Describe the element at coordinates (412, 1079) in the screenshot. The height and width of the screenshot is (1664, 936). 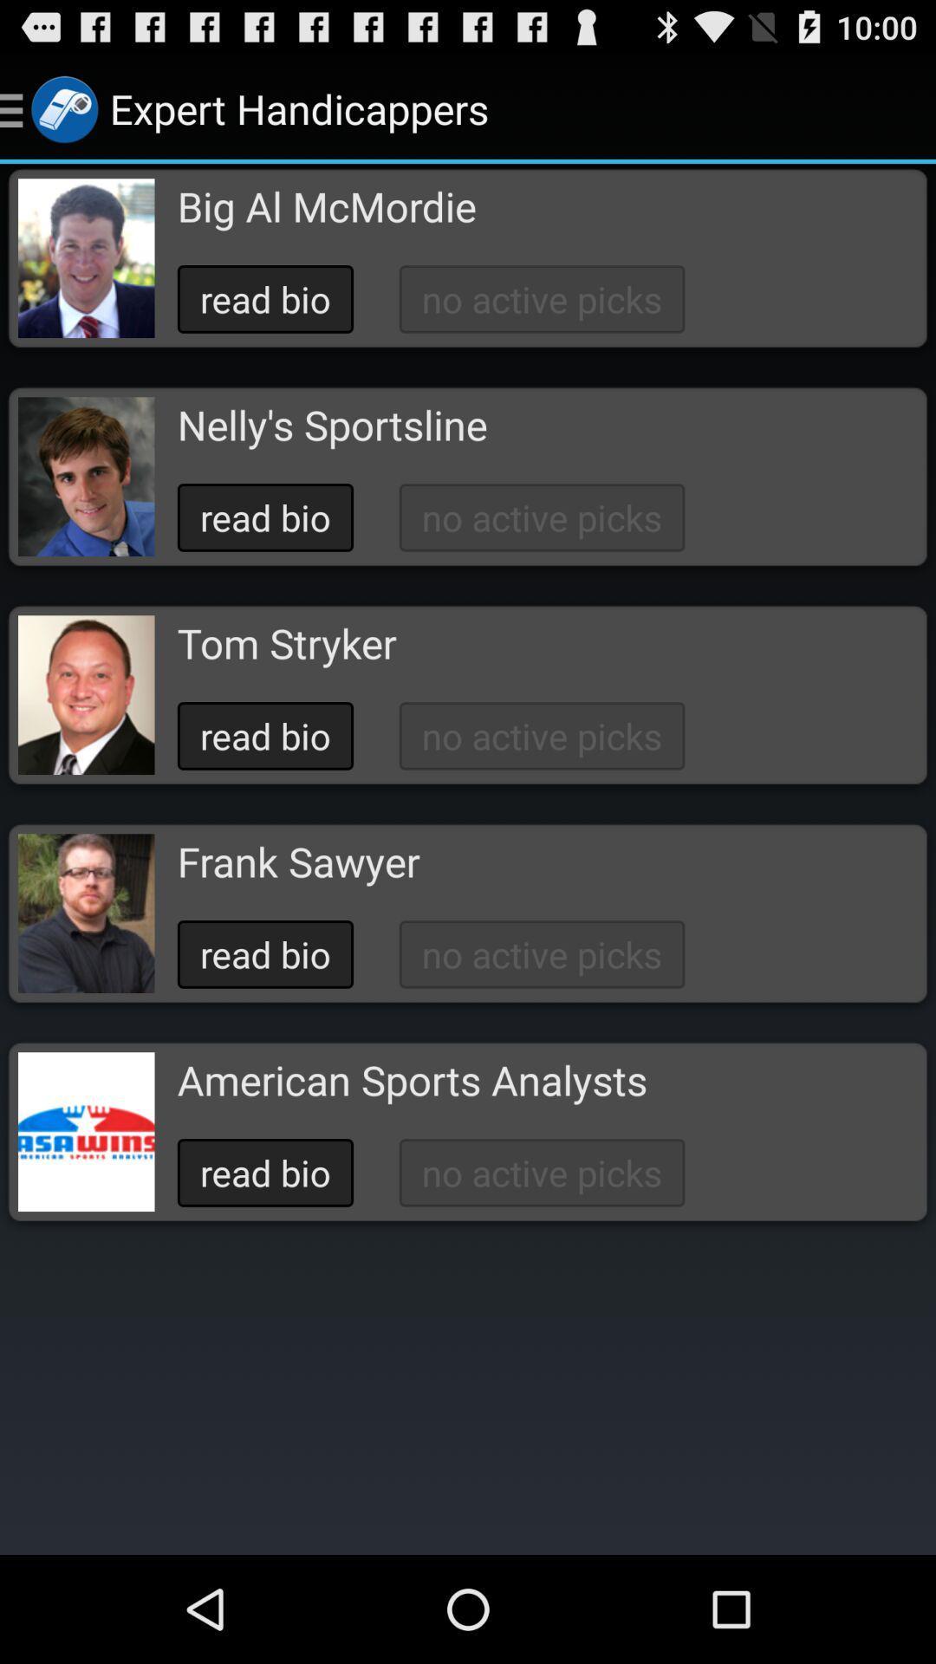
I see `american sports analysts` at that location.